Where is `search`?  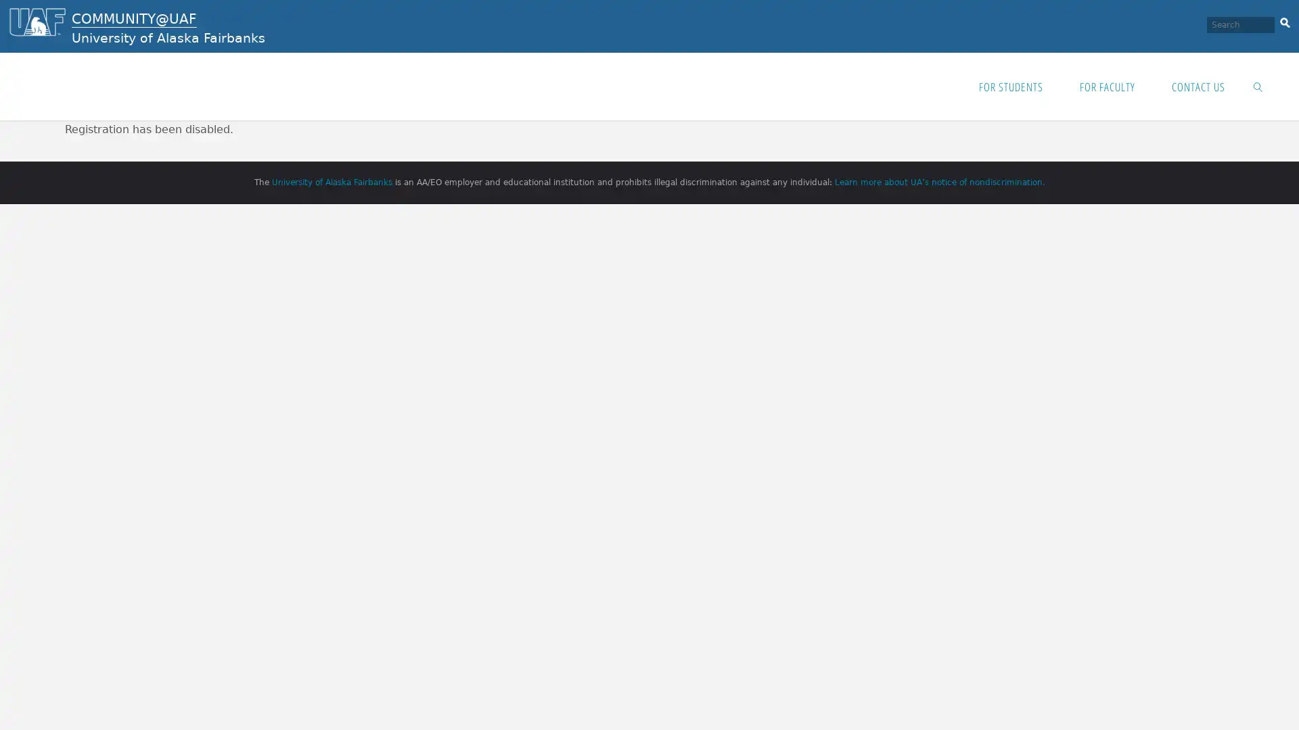 search is located at coordinates (1284, 20).